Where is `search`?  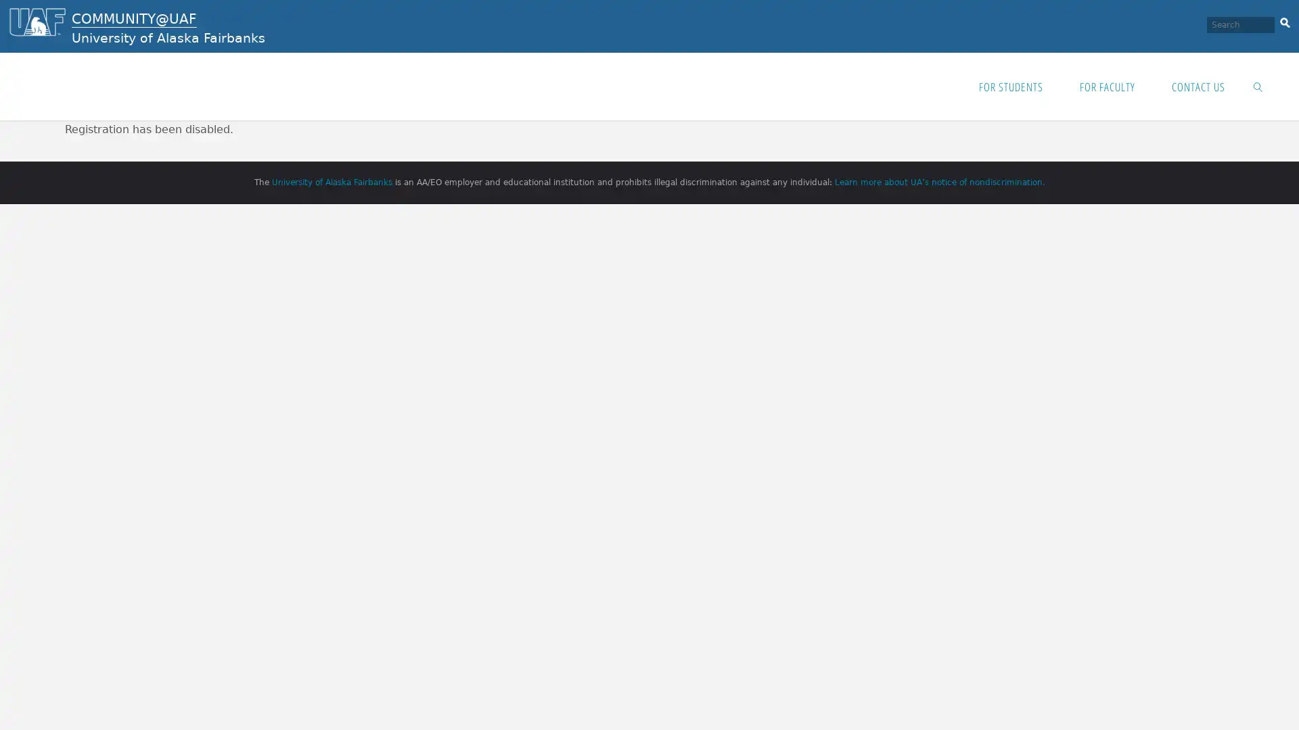 search is located at coordinates (1284, 20).